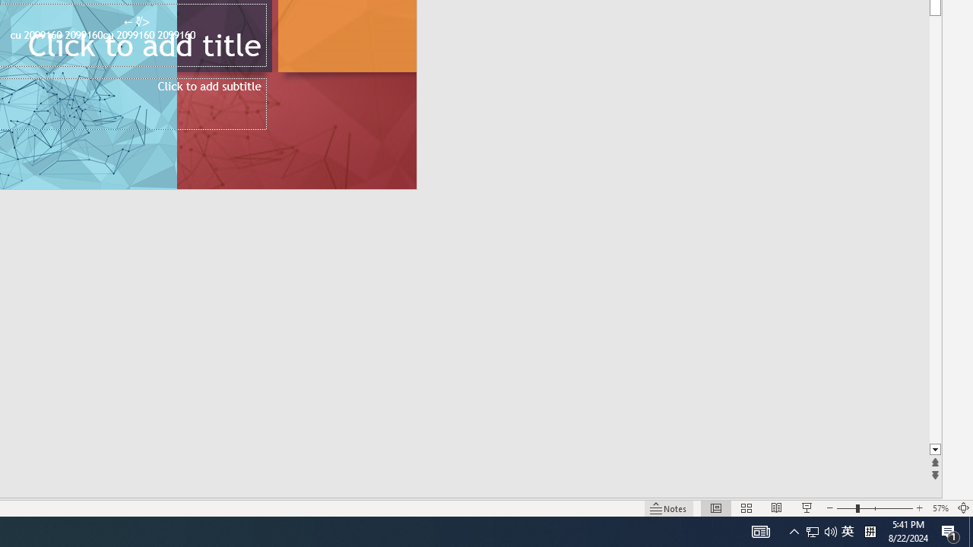  What do you see at coordinates (136, 22) in the screenshot?
I see `'TextBox 7'` at bounding box center [136, 22].